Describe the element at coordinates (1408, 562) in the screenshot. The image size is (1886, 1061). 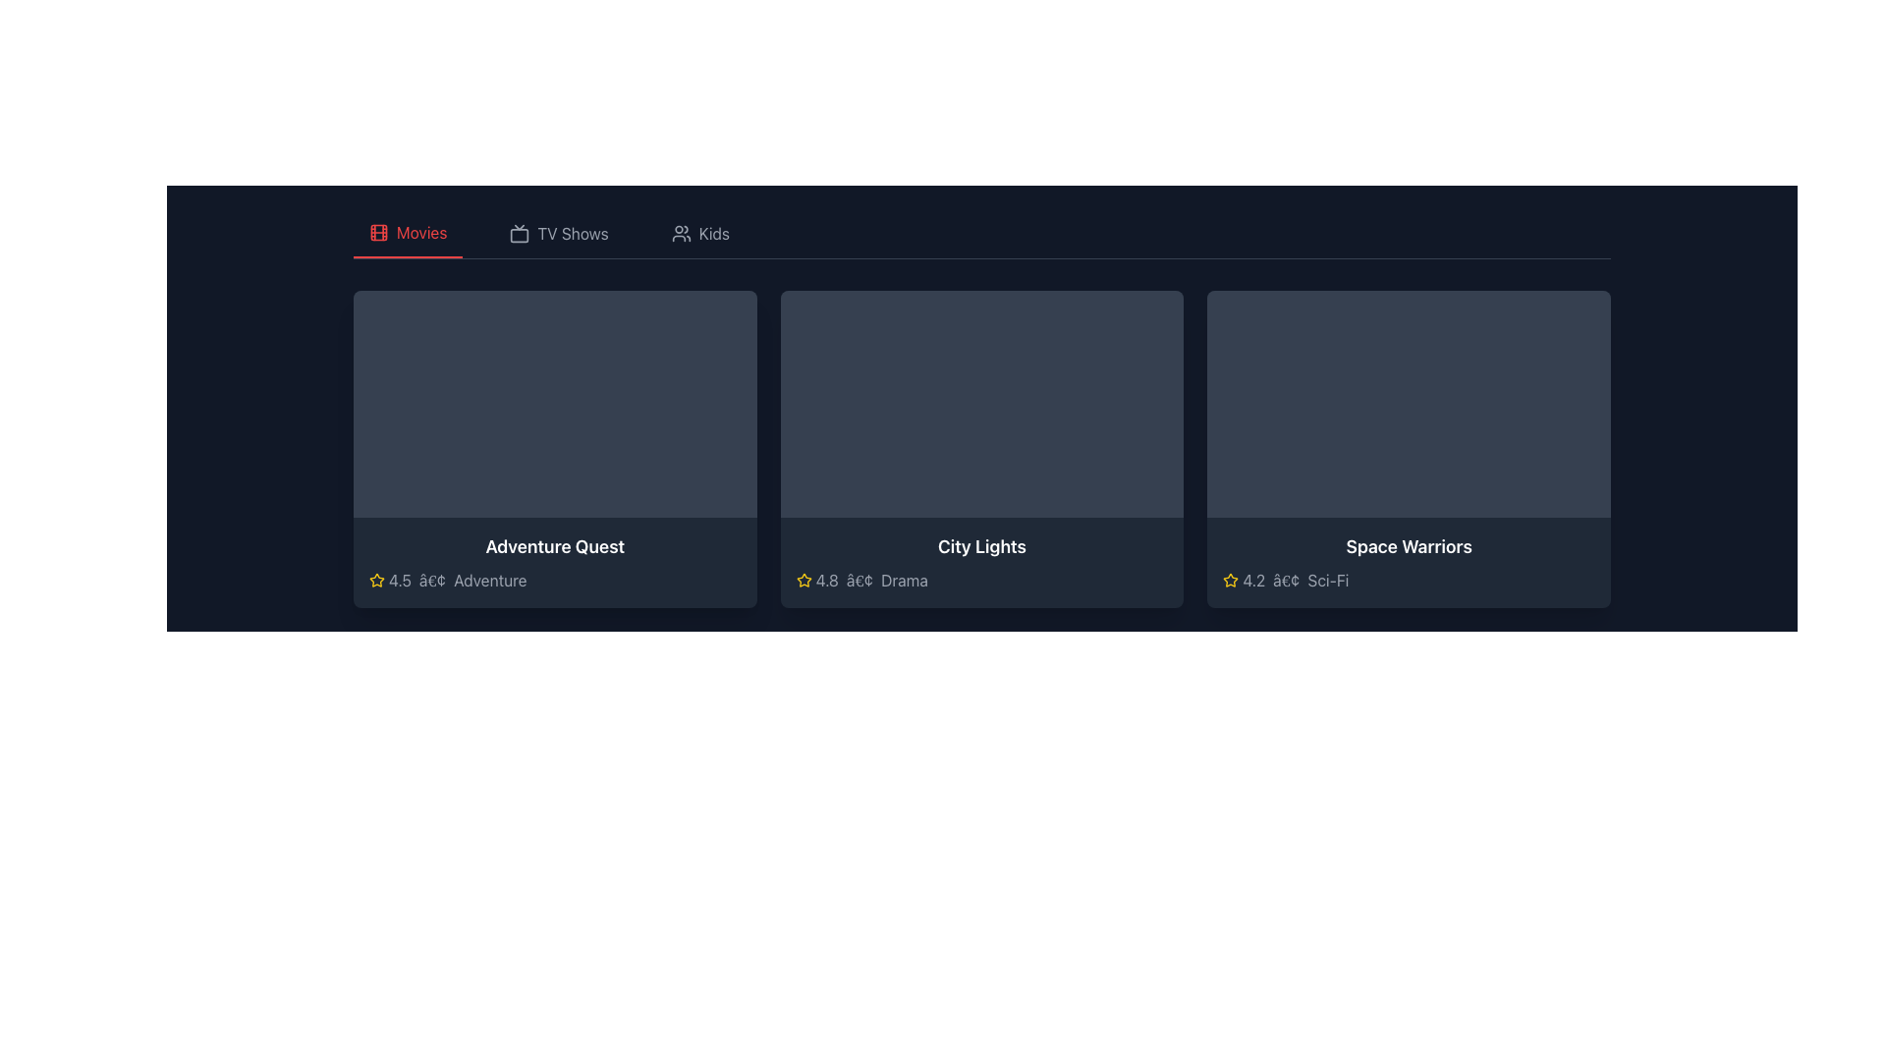
I see `the informational display element titled 'Space Warriors' which includes a star icon and rating, located at the bottom of the third card in a horizontal list` at that location.